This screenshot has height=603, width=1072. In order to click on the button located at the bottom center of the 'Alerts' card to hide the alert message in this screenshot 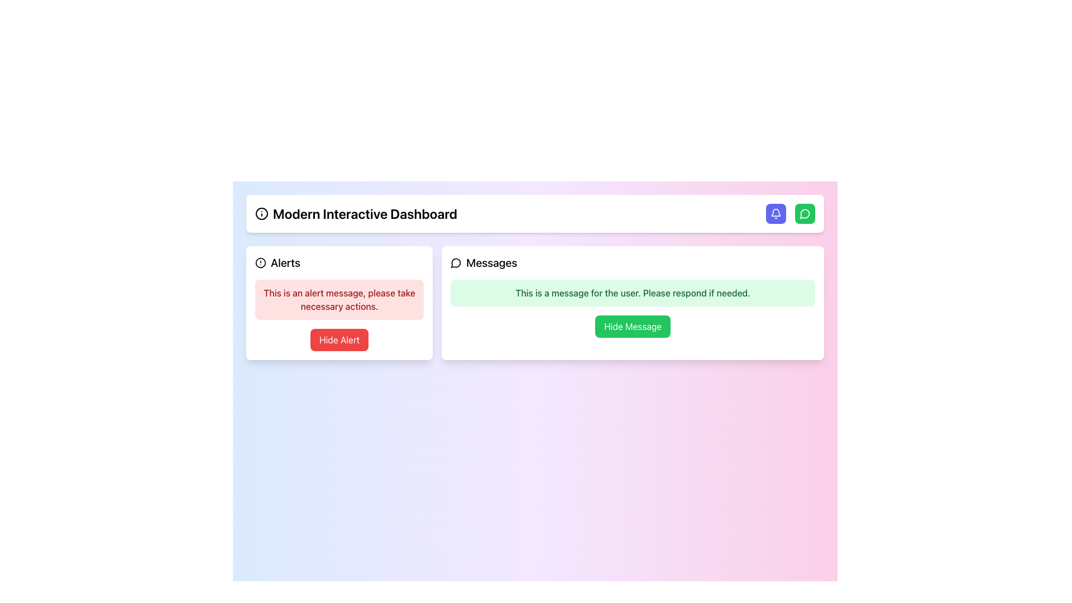, I will do `click(339, 339)`.